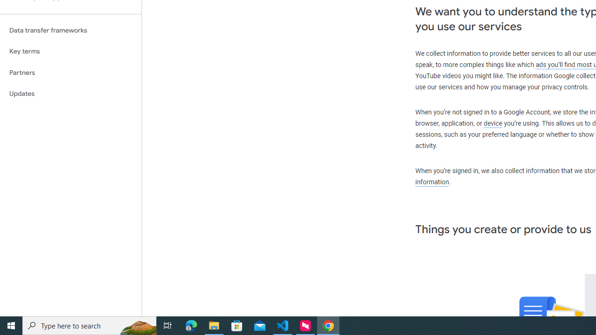  I want to click on 'Key terms', so click(70, 51).